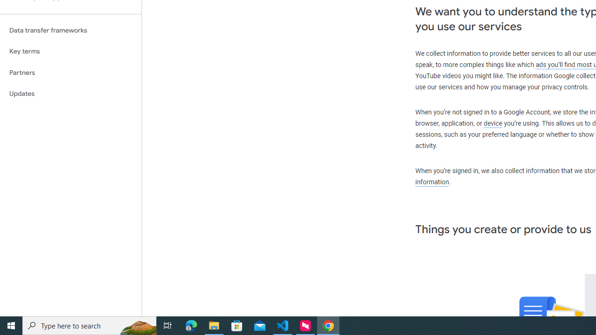  I want to click on 'Key terms', so click(70, 51).